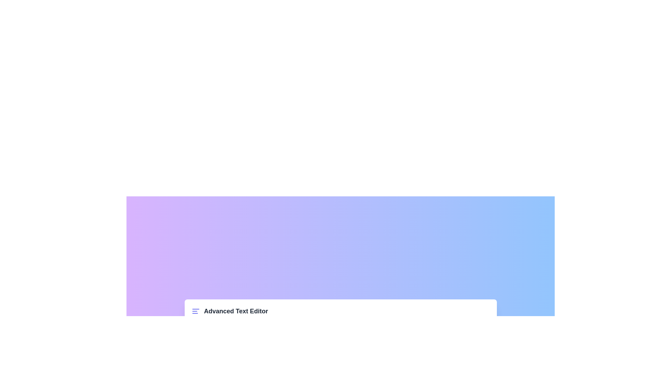 The width and height of the screenshot is (669, 376). I want to click on the small indigo-blue icon resembling a 'left alignment' symbol, located to the left of the 'Advanced Text Editor' label, so click(195, 311).